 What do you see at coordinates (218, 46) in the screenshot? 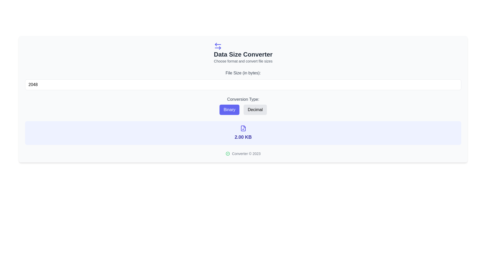
I see `the bi-directional arrow icon, which is indigo in color and located above the 'Data Size Converter' text, aligned with its left edge` at bounding box center [218, 46].